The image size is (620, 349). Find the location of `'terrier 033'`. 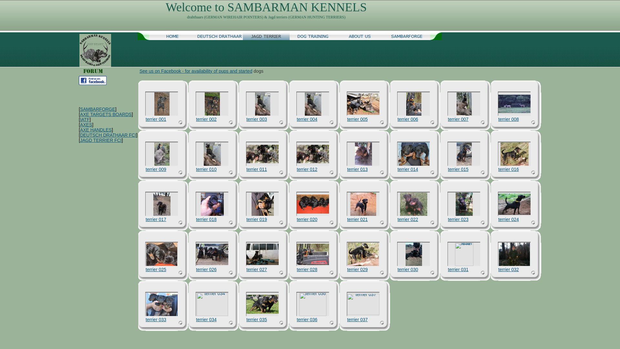

'terrier 033' is located at coordinates (156, 319).